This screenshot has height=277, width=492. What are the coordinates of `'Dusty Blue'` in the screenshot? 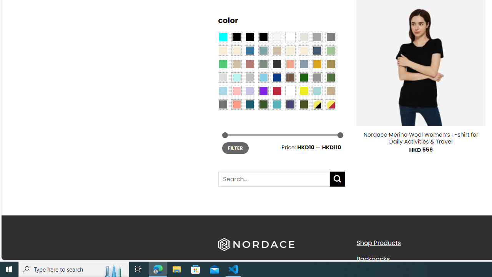 It's located at (303, 63).